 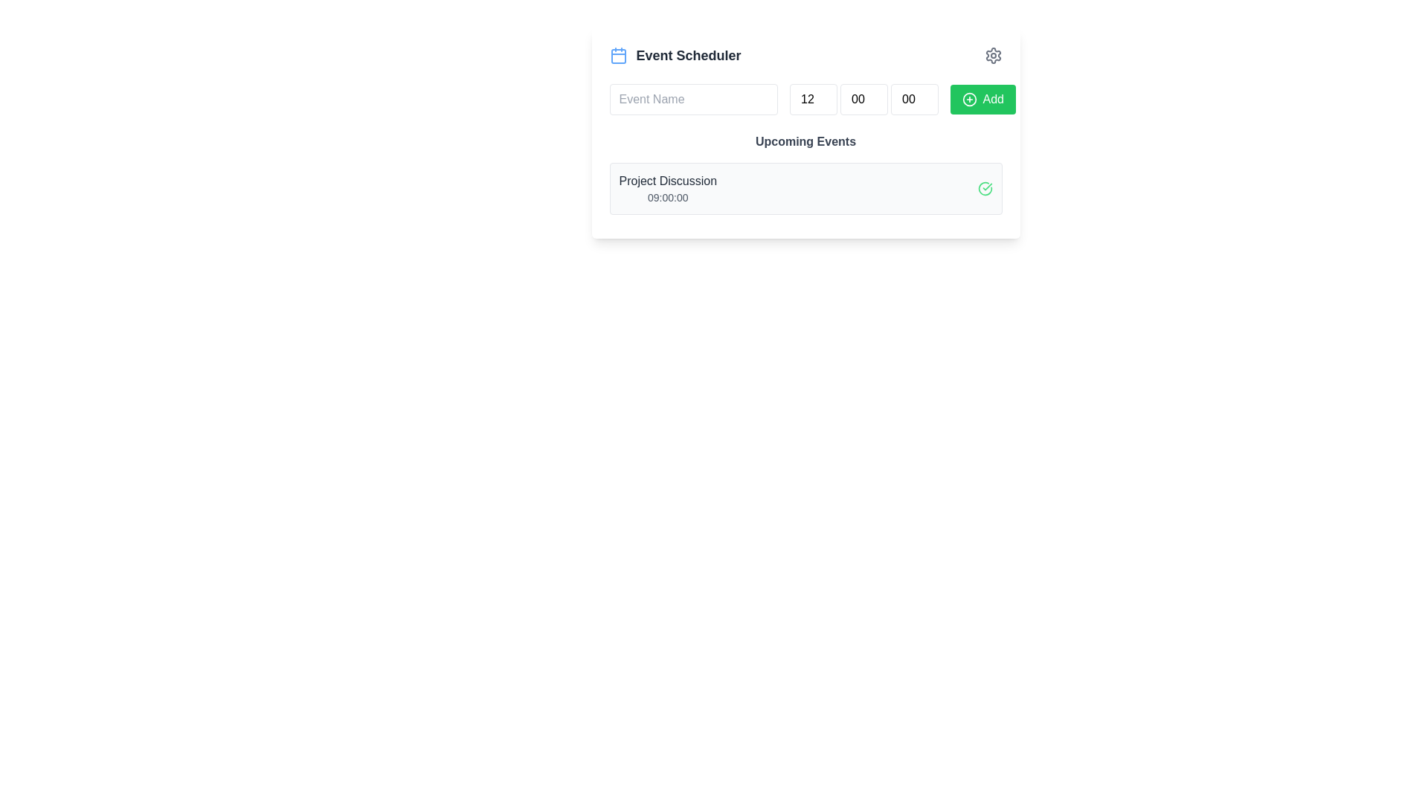 I want to click on the 'Add Event' button located at the far right of the horizontal layout below the 'Event Scheduler' heading, so click(x=982, y=100).